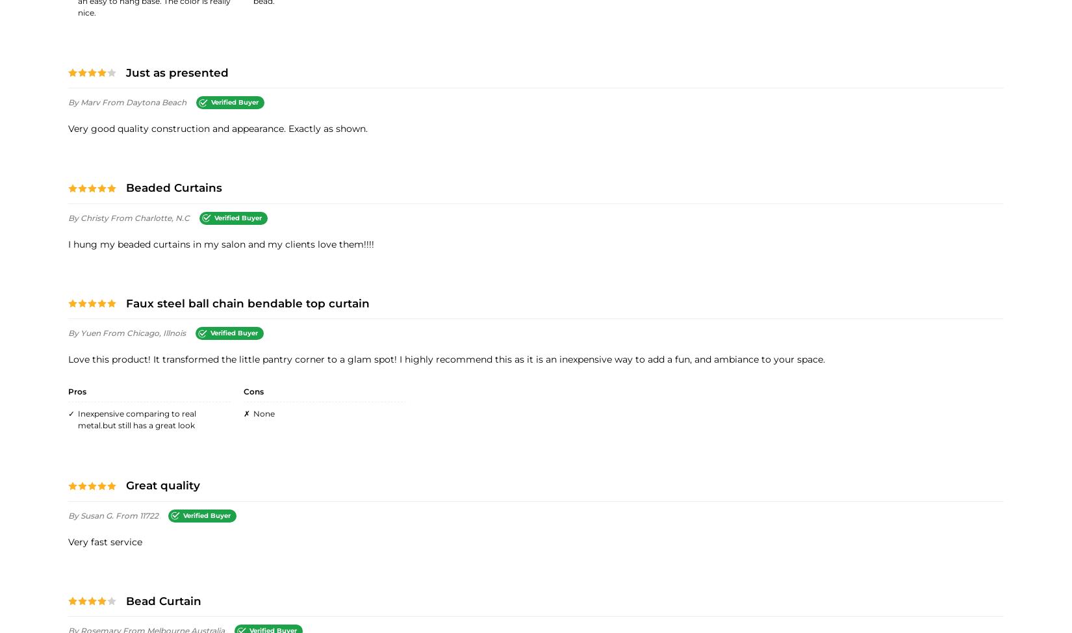 The width and height of the screenshot is (1072, 633). I want to click on 'from Daytona Beach', so click(144, 101).